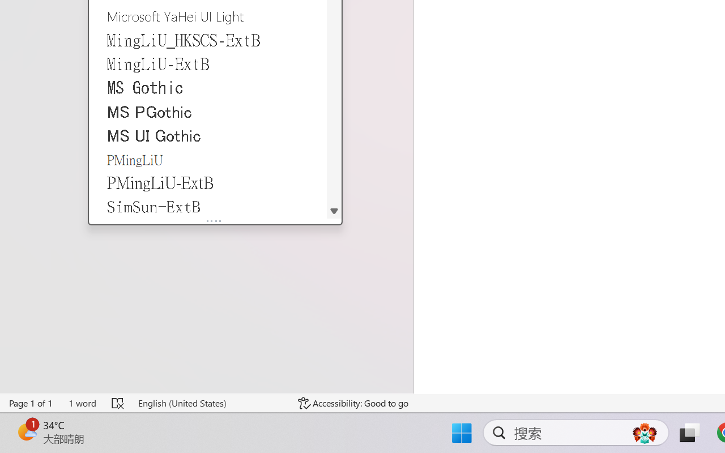  I want to click on 'PMingLiU', so click(208, 159).